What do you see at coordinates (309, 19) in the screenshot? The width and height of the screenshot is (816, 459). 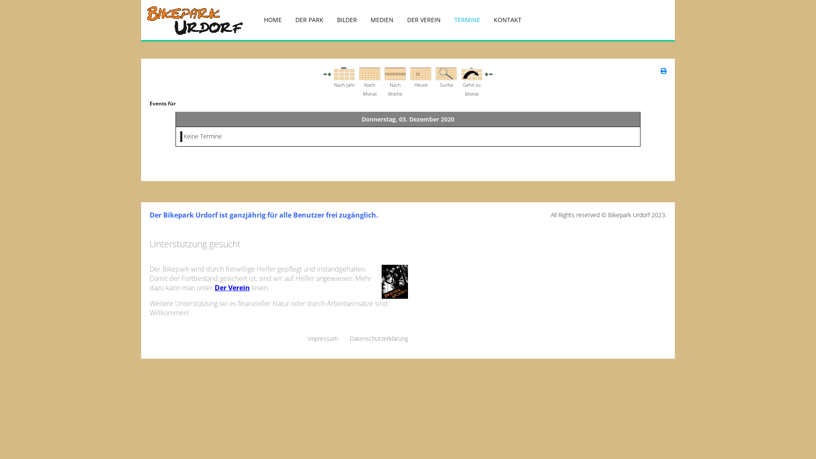 I see `'DER PARK'` at bounding box center [309, 19].